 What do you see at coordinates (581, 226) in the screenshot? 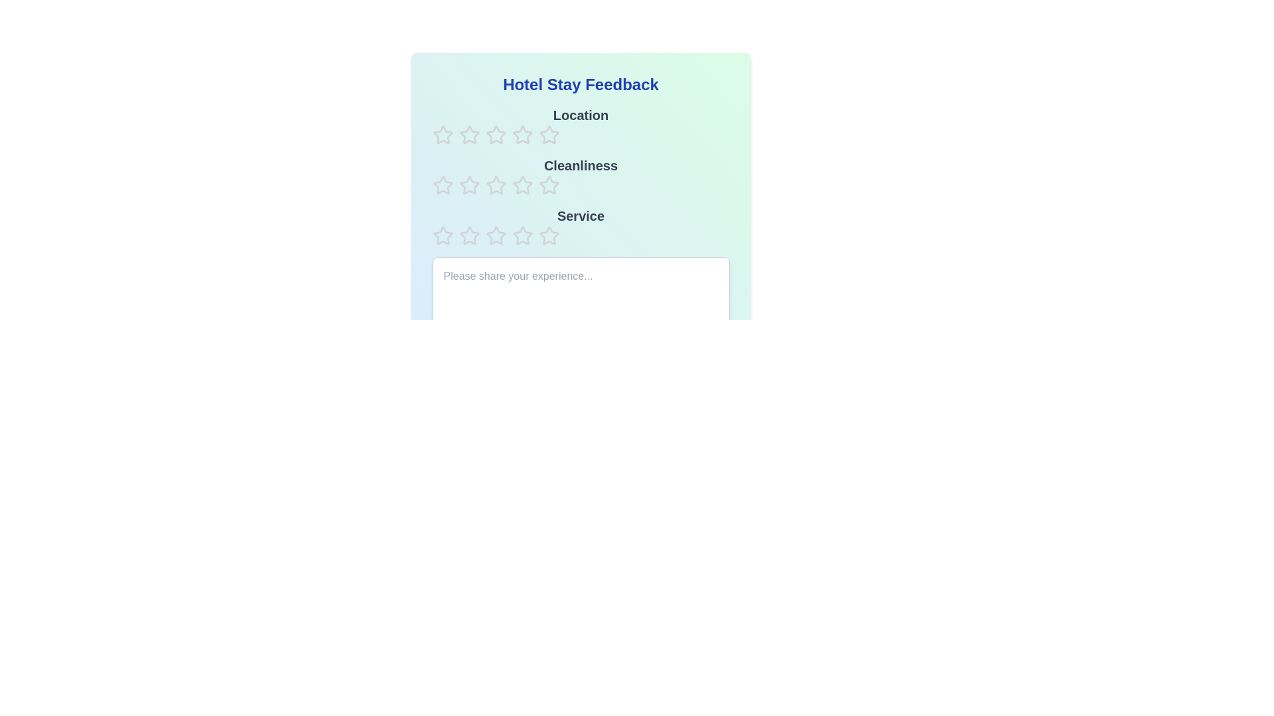
I see `the star icons in the 'Service' rating input component` at bounding box center [581, 226].